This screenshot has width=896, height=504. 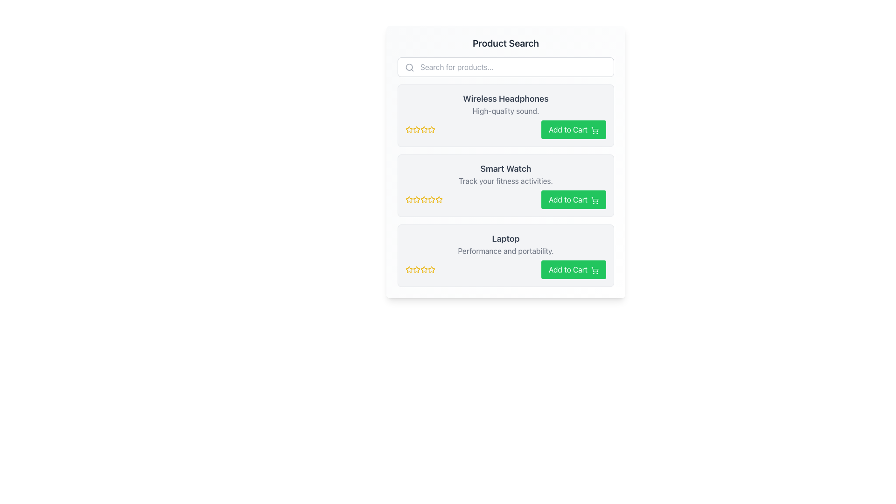 I want to click on the prominent green 'Add to Cart' button with a shopping cart icon located in the top-right corner of the product's section, so click(x=573, y=129).